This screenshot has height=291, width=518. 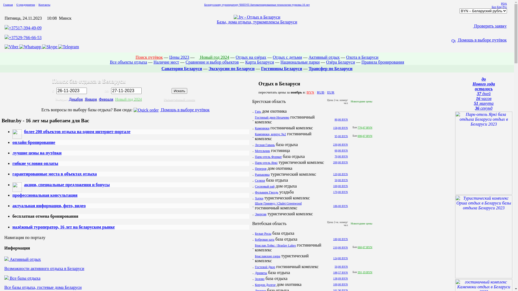 What do you see at coordinates (357, 136) in the screenshot?
I see `'696,67 BYN'` at bounding box center [357, 136].